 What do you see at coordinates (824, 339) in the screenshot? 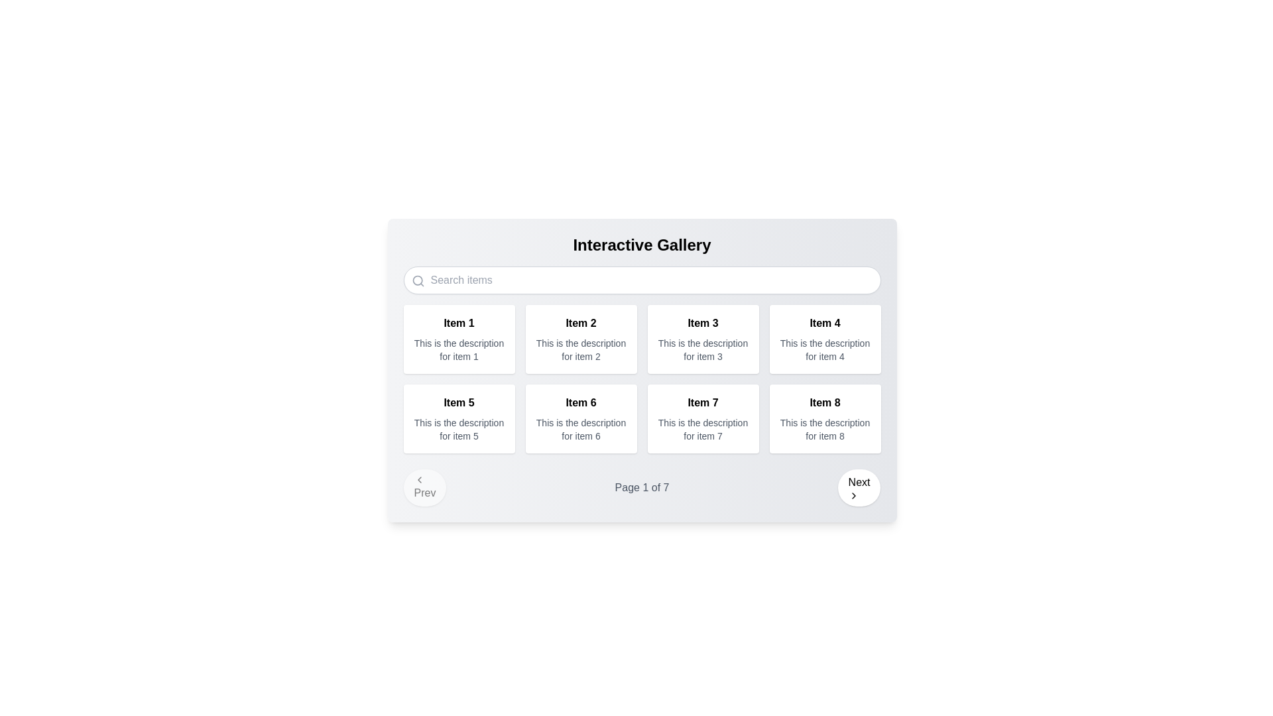
I see `the informational card titled 'Item 4', which has a white background and rounded corners, located in the rightmost column of the first row of a grid layout` at bounding box center [824, 339].